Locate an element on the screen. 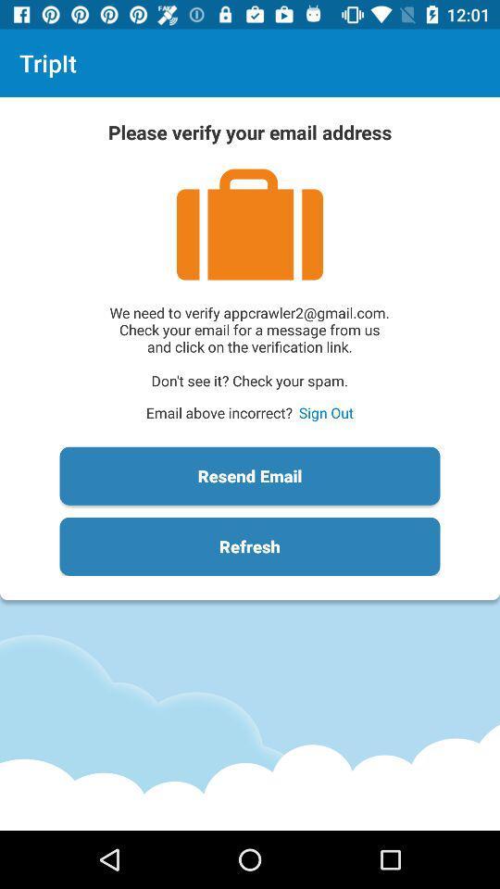 Image resolution: width=500 pixels, height=889 pixels. item below resend email icon is located at coordinates (250, 546).